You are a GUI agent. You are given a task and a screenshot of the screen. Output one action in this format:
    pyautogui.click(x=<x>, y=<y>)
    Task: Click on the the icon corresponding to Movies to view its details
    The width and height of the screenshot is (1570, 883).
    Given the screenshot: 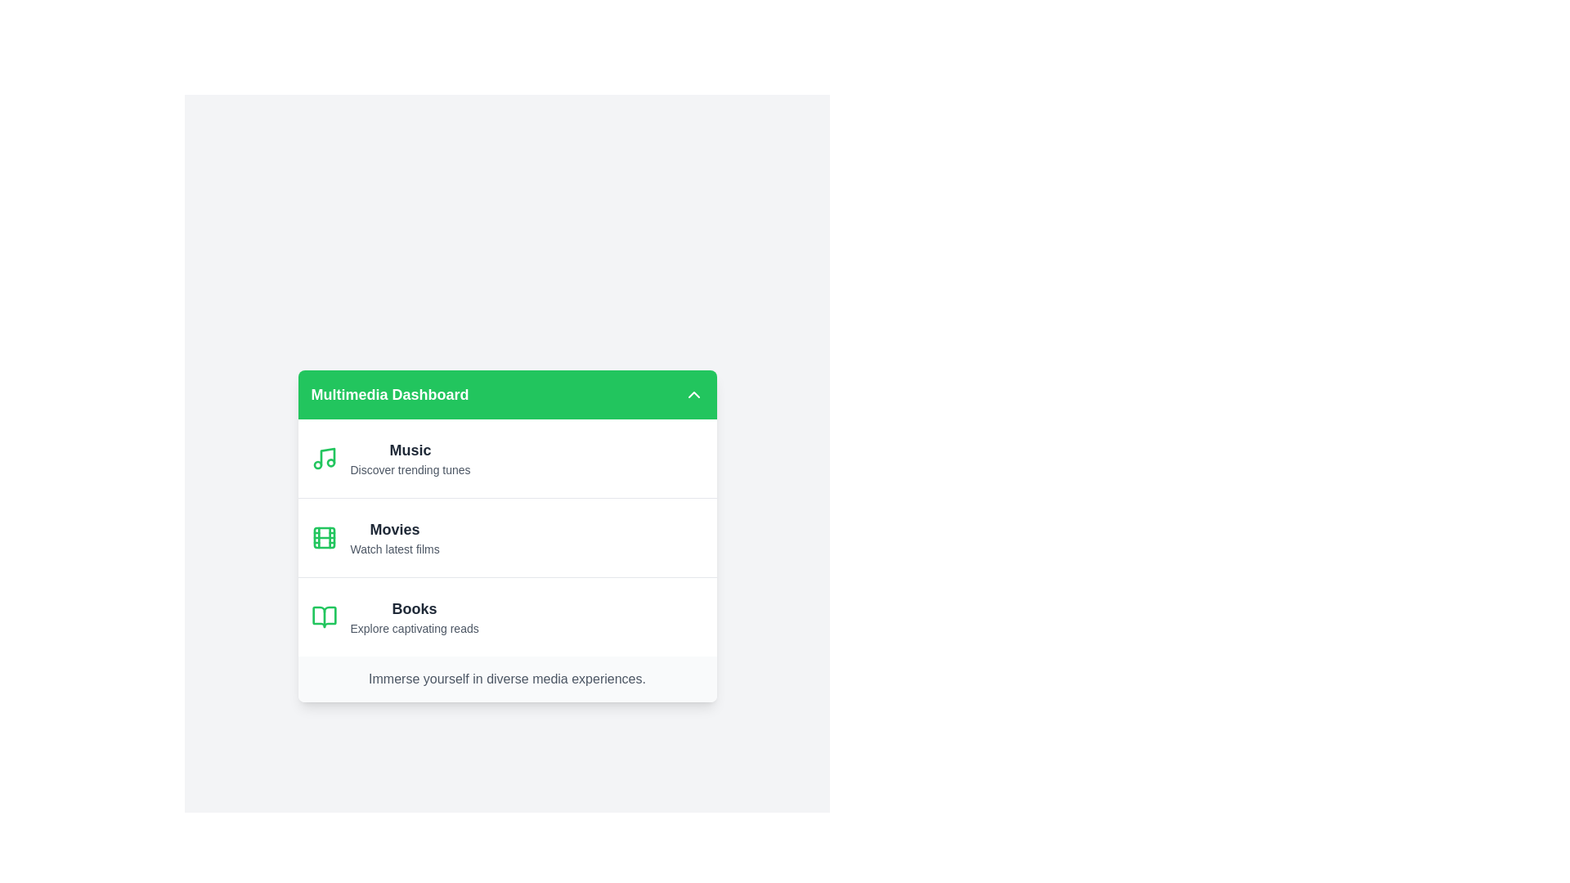 What is the action you would take?
    pyautogui.click(x=324, y=538)
    